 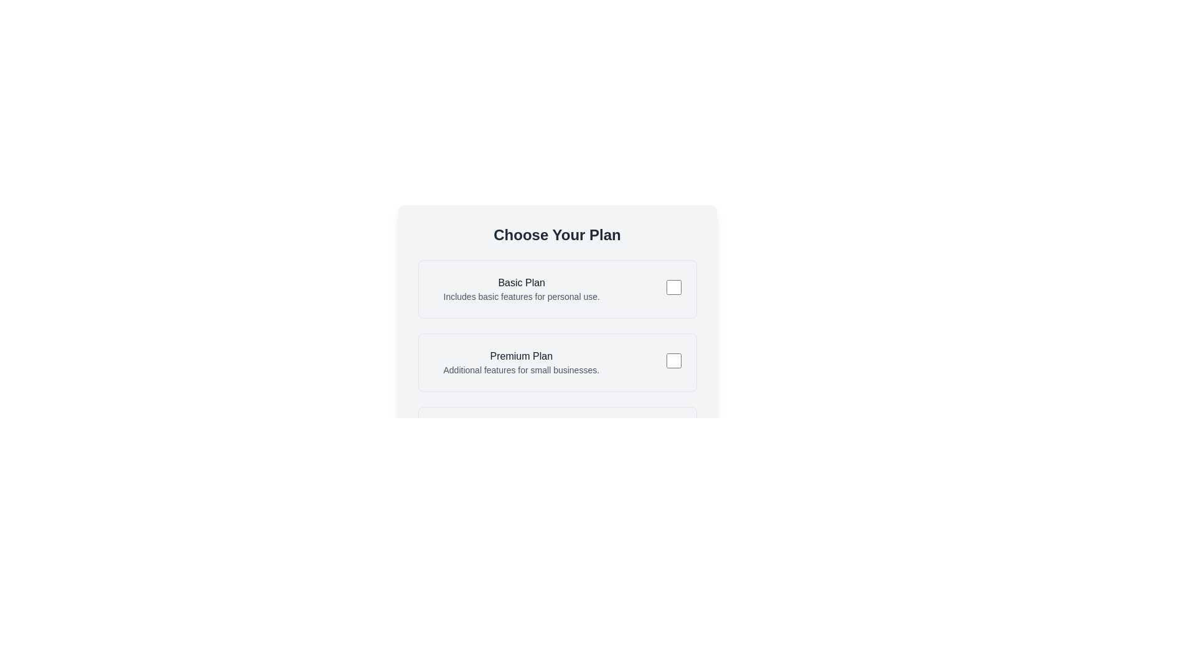 What do you see at coordinates (673, 289) in the screenshot?
I see `the square checkbox styled with a blue tint located within the 'Basic Plan' option box` at bounding box center [673, 289].